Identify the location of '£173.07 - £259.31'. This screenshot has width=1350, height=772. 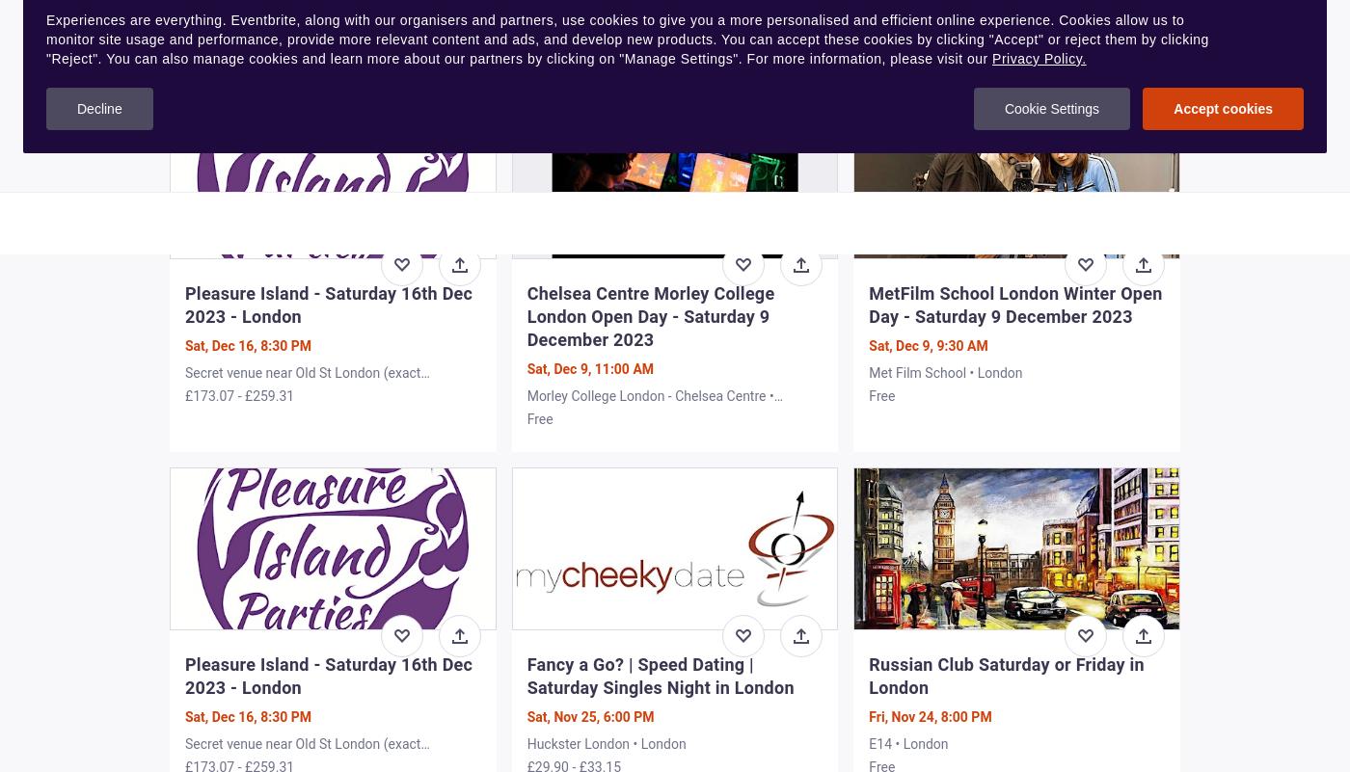
(238, 394).